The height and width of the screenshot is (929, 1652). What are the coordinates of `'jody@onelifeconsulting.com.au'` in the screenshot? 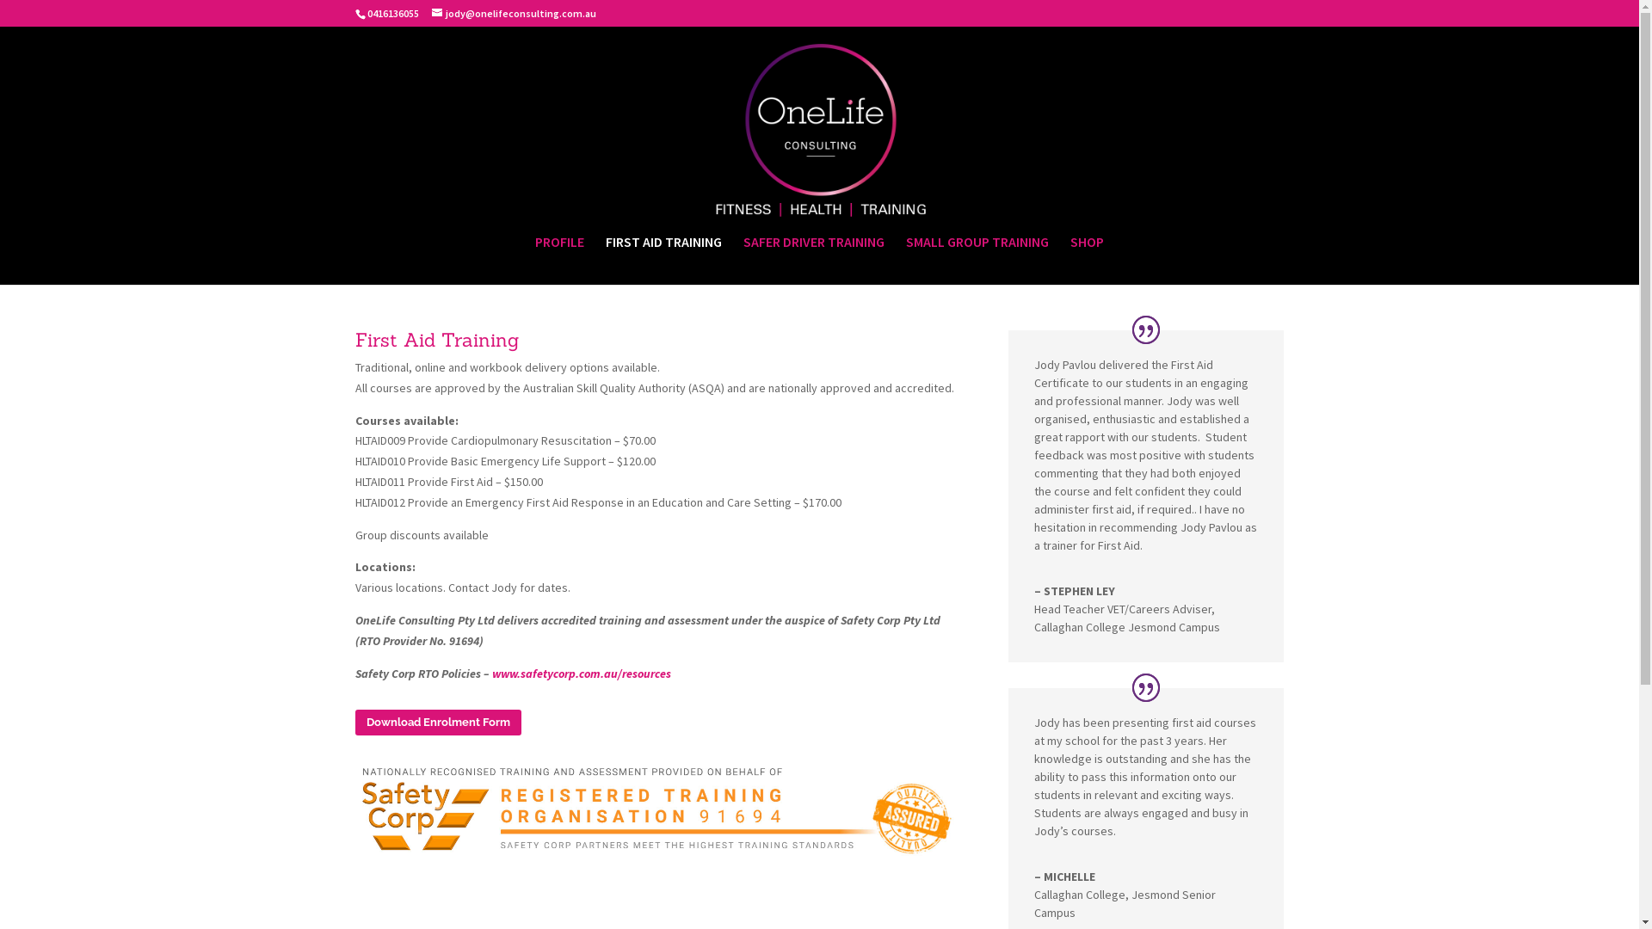 It's located at (432, 13).